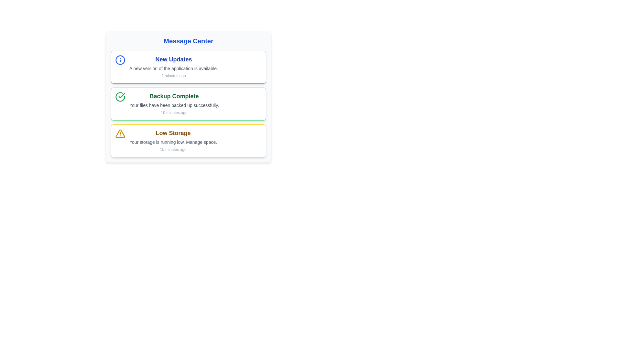 The image size is (621, 349). Describe the element at coordinates (173, 149) in the screenshot. I see `the small light gray text '15 minutes ago' located below the 'Low Storage' notification in the Message Center interface` at that location.